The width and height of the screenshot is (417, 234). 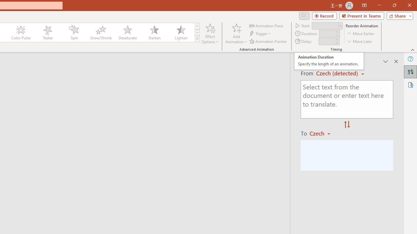 What do you see at coordinates (74, 32) in the screenshot?
I see `'Spin'` at bounding box center [74, 32].